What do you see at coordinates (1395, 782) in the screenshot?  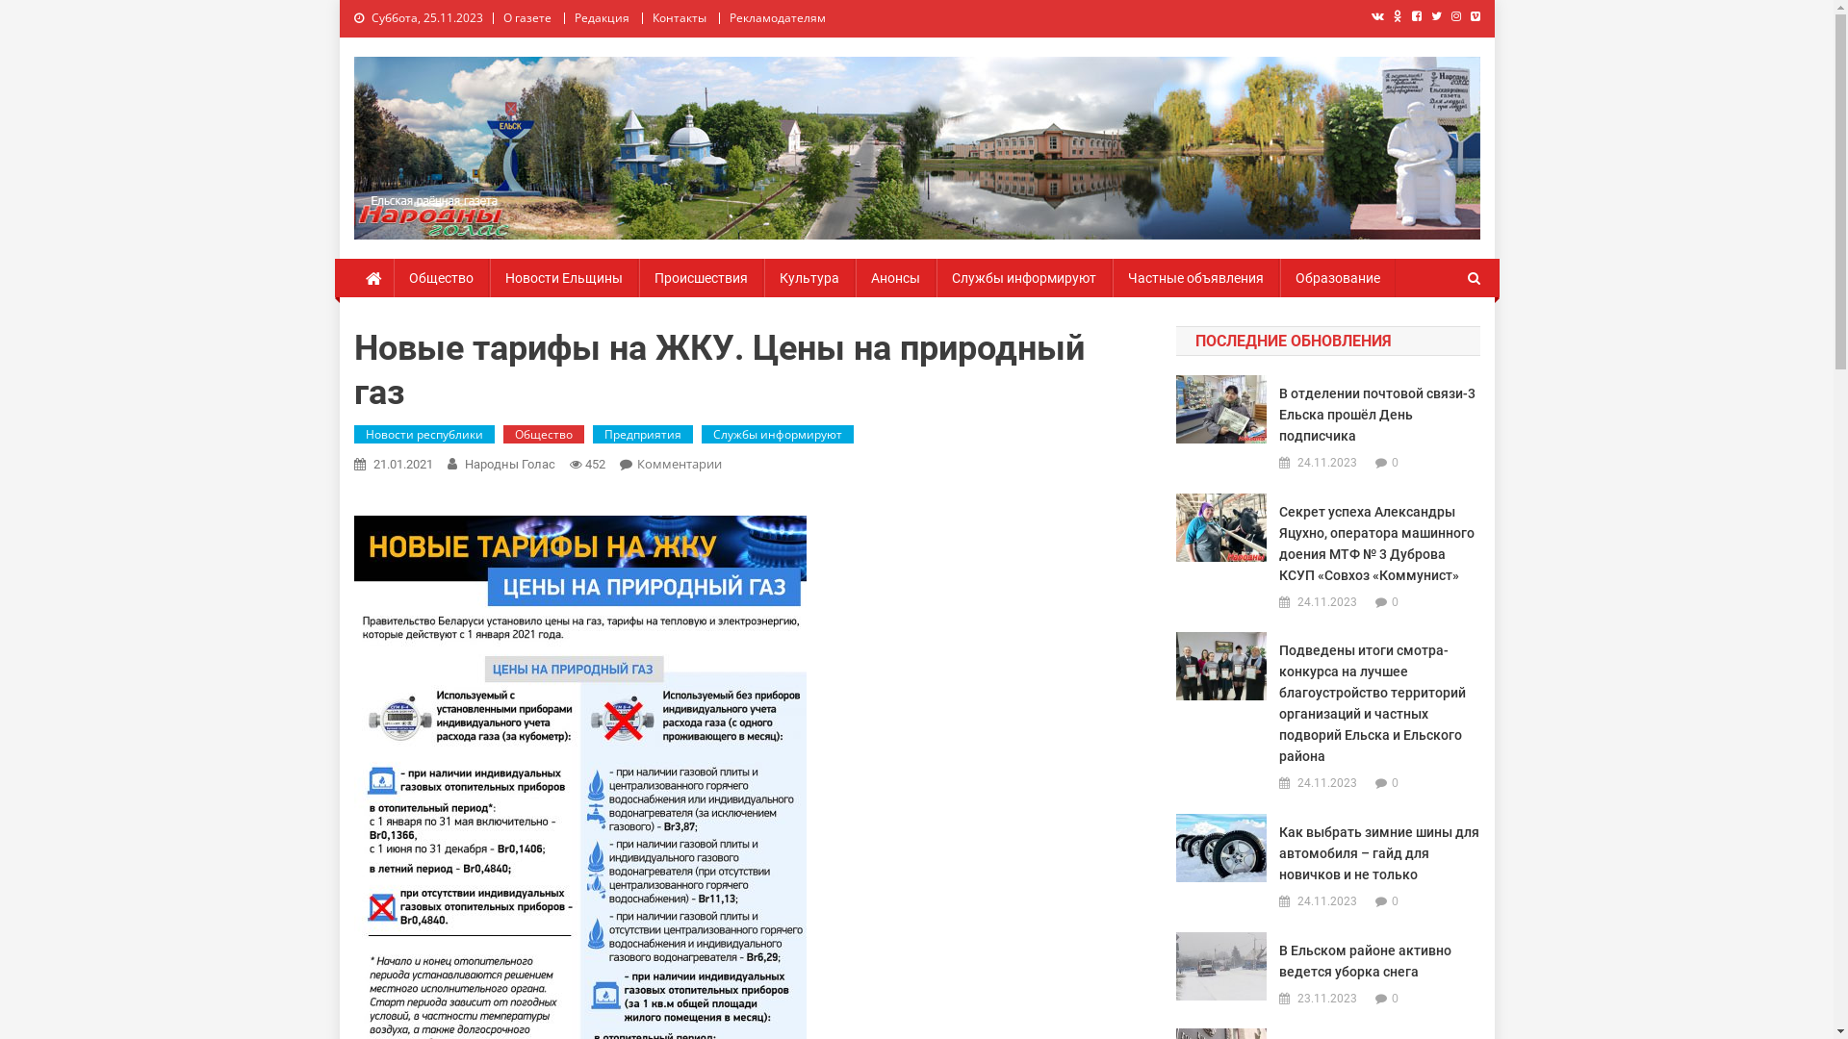 I see `'0'` at bounding box center [1395, 782].